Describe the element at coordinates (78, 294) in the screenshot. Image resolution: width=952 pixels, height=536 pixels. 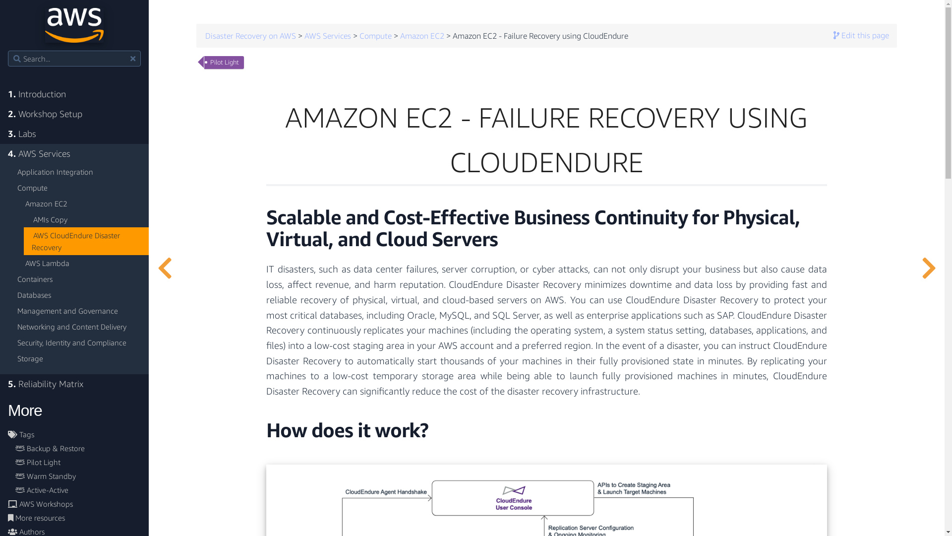
I see `'Databases'` at that location.